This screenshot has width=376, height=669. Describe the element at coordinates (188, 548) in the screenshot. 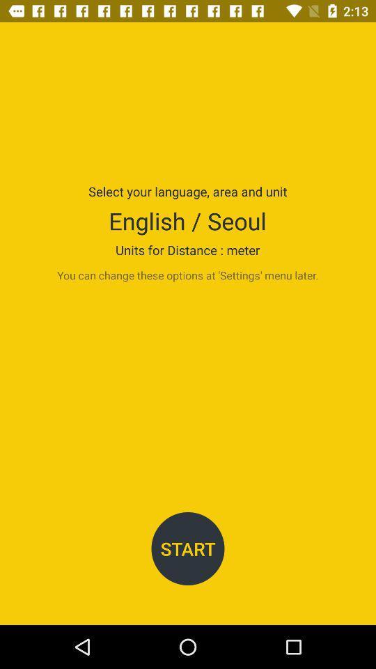

I see `start item` at that location.